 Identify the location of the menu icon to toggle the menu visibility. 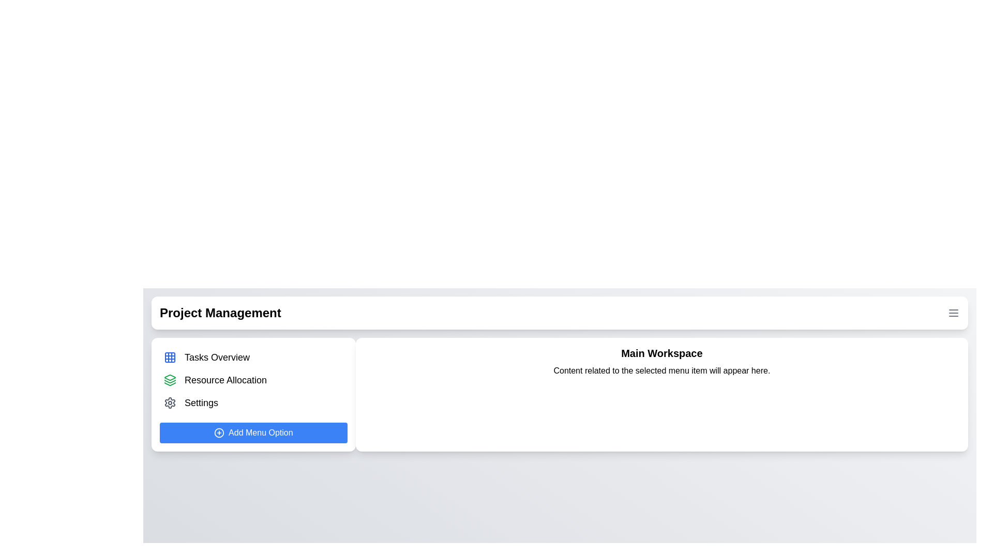
(953, 312).